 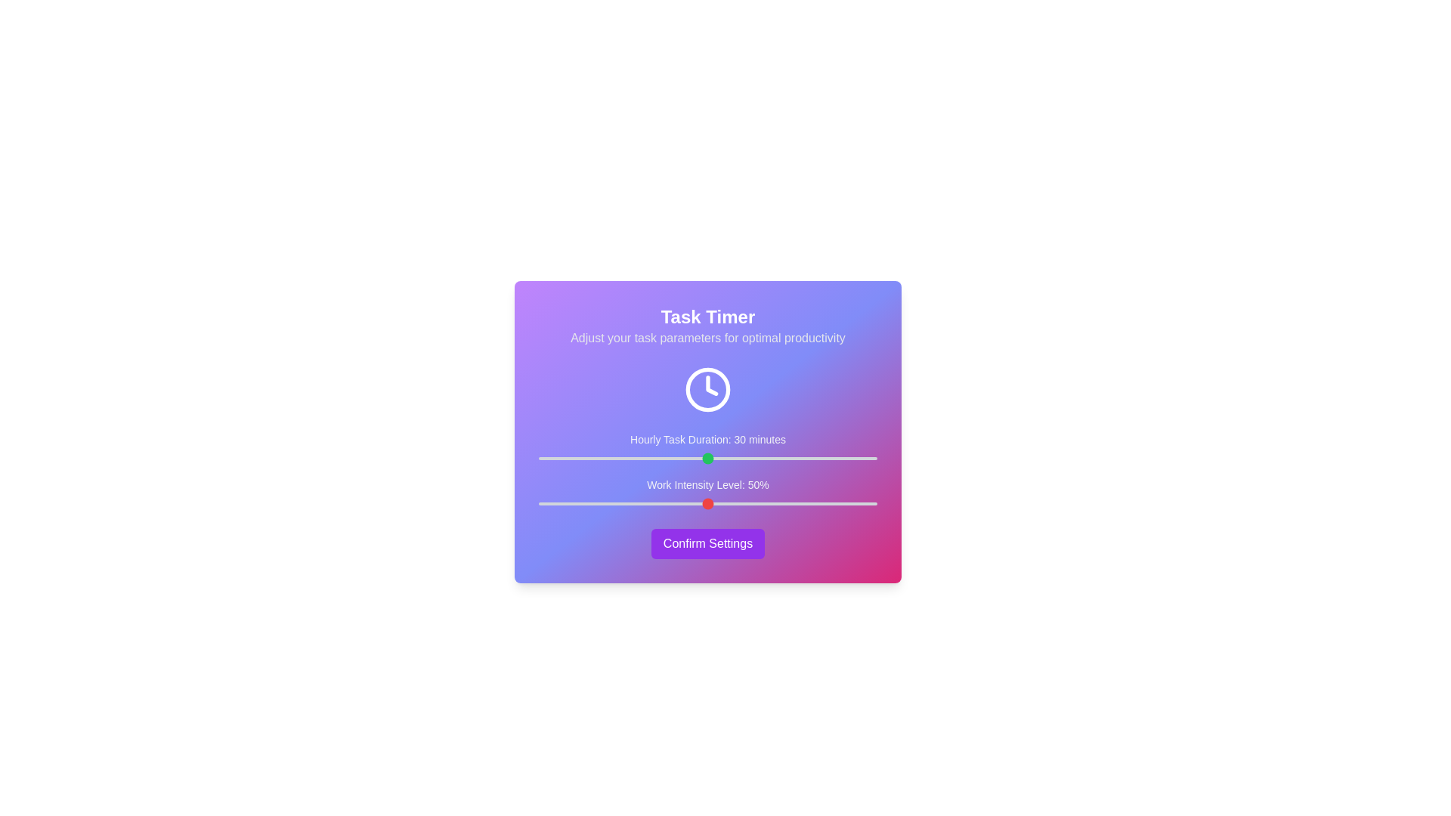 What do you see at coordinates (679, 457) in the screenshot?
I see `the 'Hourly Task Duration' slider to 25 minutes` at bounding box center [679, 457].